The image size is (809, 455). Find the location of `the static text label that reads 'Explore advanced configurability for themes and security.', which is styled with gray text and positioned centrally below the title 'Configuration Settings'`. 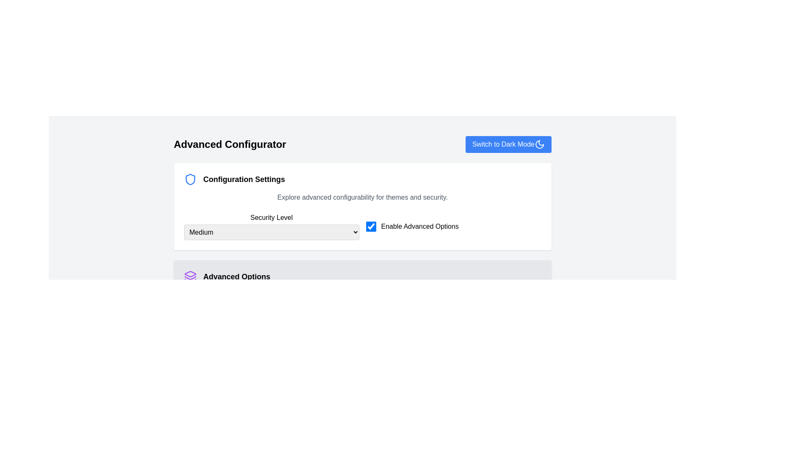

the static text label that reads 'Explore advanced configurability for themes and security.', which is styled with gray text and positioned centrally below the title 'Configuration Settings' is located at coordinates (362, 198).